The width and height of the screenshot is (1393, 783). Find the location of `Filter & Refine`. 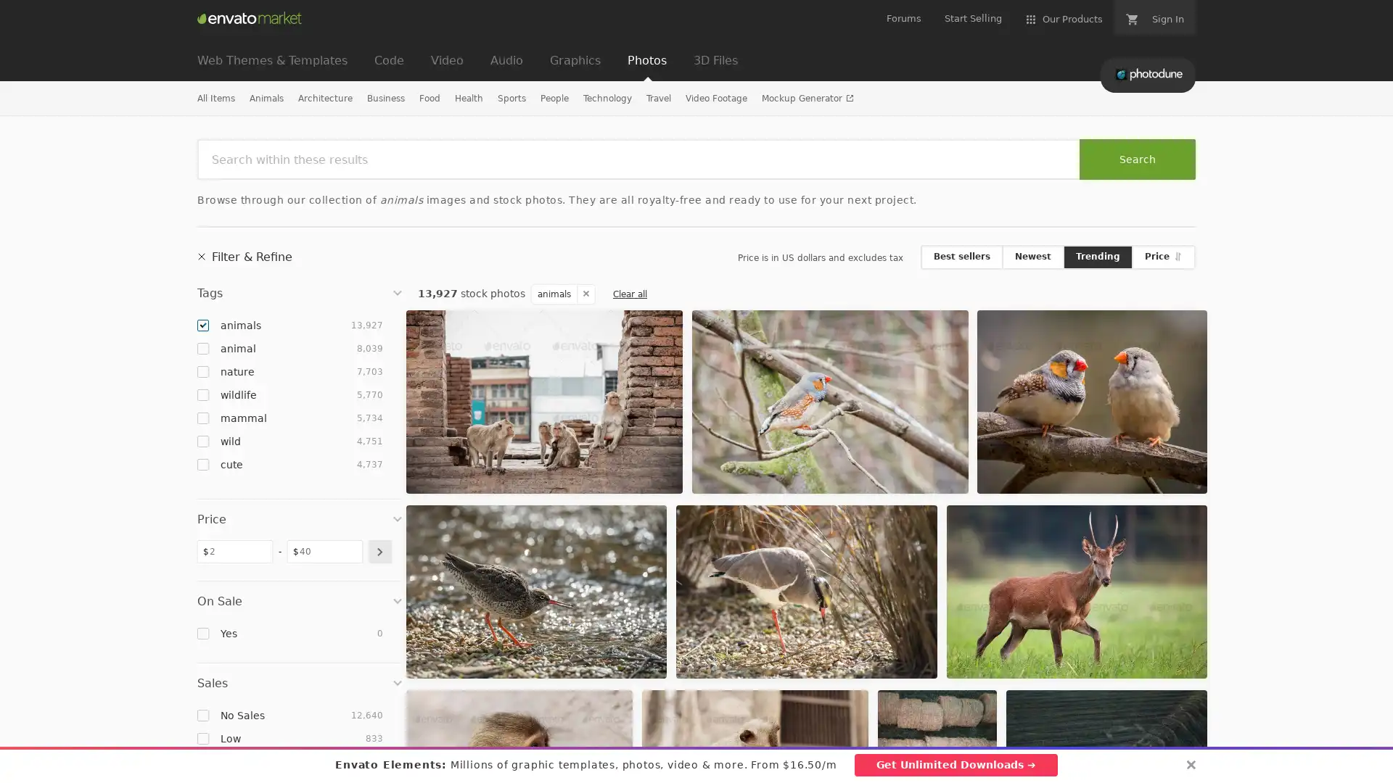

Filter & Refine is located at coordinates (255, 256).